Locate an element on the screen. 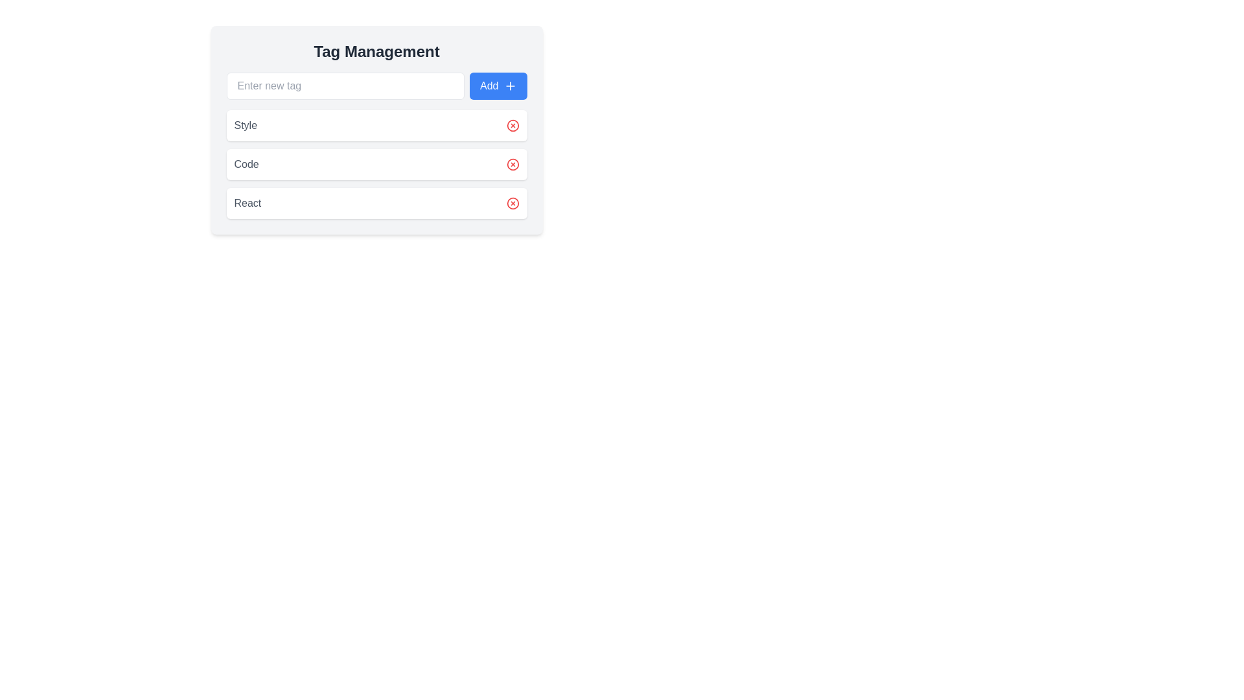 The width and height of the screenshot is (1244, 700). the icon inside the rounded blue button labeled 'Add' at the top-right of the 'Tag Management' content box is located at coordinates (509, 86).